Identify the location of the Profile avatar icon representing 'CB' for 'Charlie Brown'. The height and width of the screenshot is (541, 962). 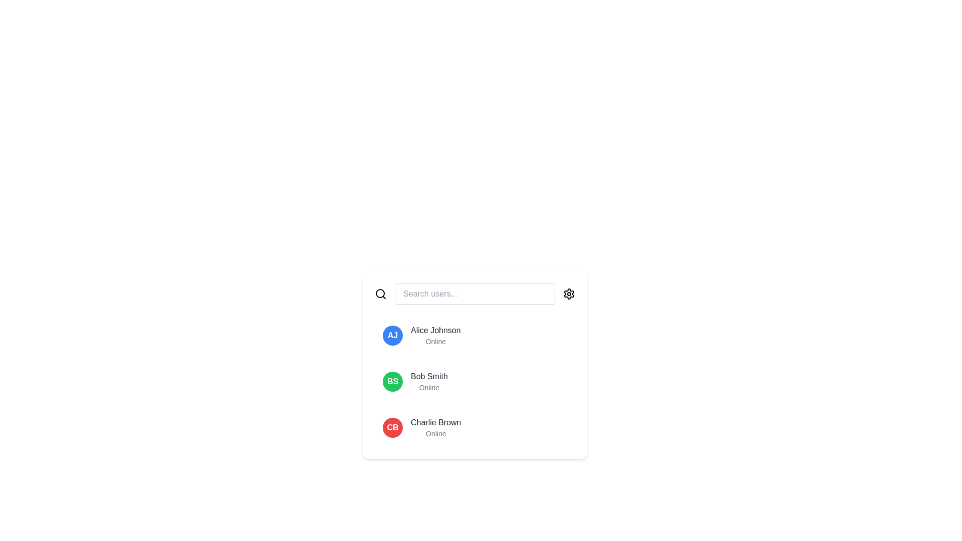
(392, 427).